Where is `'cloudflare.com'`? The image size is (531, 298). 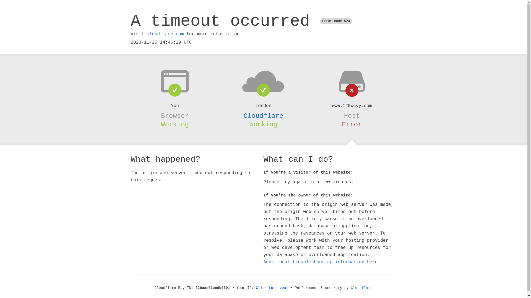
'cloudflare.com' is located at coordinates (165, 34).